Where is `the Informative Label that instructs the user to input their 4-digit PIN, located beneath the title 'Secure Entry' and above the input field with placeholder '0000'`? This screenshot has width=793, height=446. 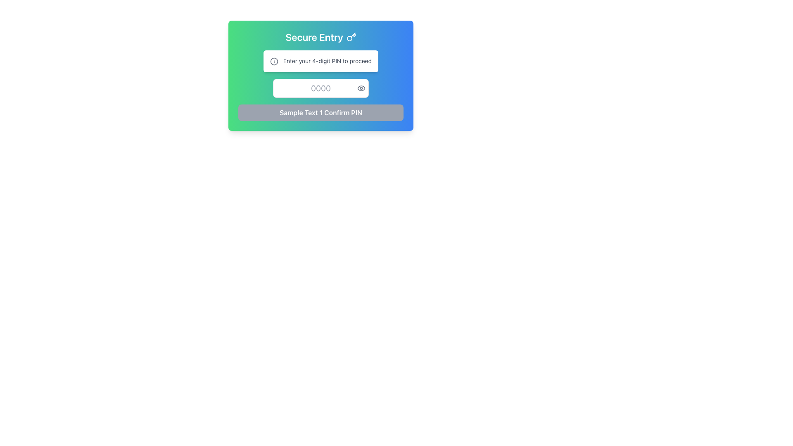
the Informative Label that instructs the user to input their 4-digit PIN, located beneath the title 'Secure Entry' and above the input field with placeholder '0000' is located at coordinates (321, 60).